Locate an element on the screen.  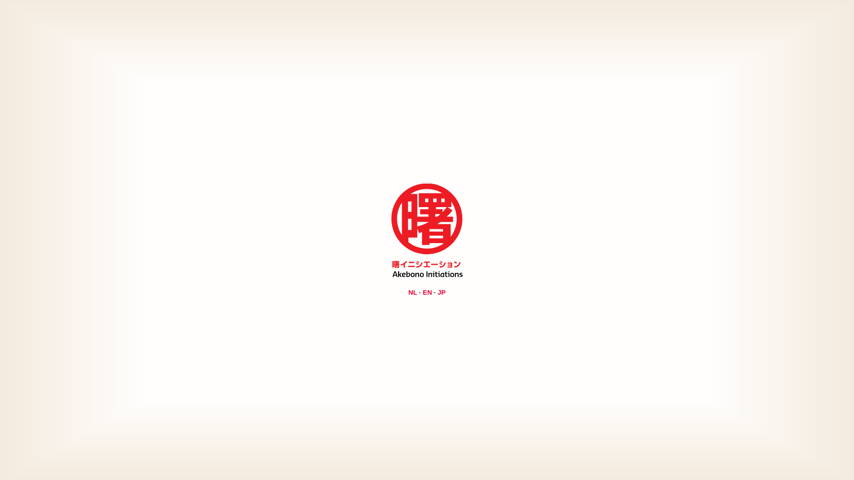
'JP' is located at coordinates (442, 292).